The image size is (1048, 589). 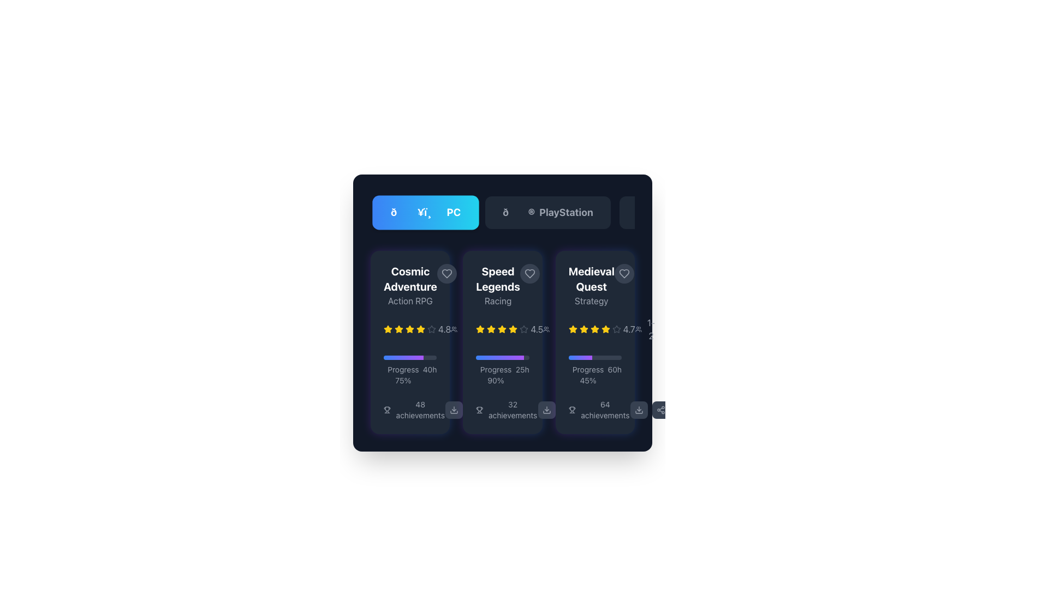 I want to click on the static text display that shows 'Progress 75%' within the first progress tracking card of the 'Cosmic Adventure' game, so click(x=402, y=374).